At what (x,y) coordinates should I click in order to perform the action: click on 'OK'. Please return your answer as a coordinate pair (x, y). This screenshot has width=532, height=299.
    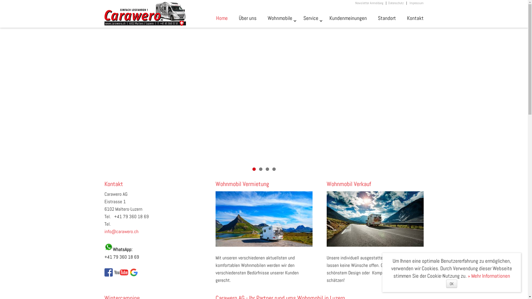
    Looking at the image, I should click on (452, 284).